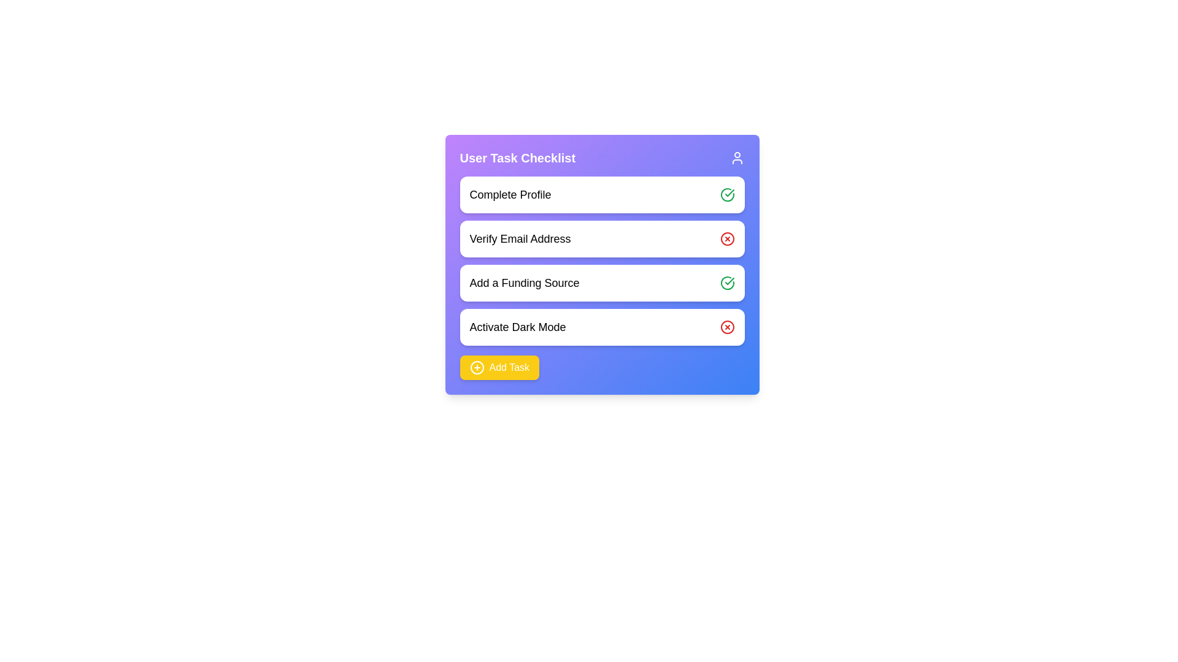 Image resolution: width=1178 pixels, height=662 pixels. I want to click on the first task item card ('Complete Profile') in the 'User Task Checklist', so click(602, 194).